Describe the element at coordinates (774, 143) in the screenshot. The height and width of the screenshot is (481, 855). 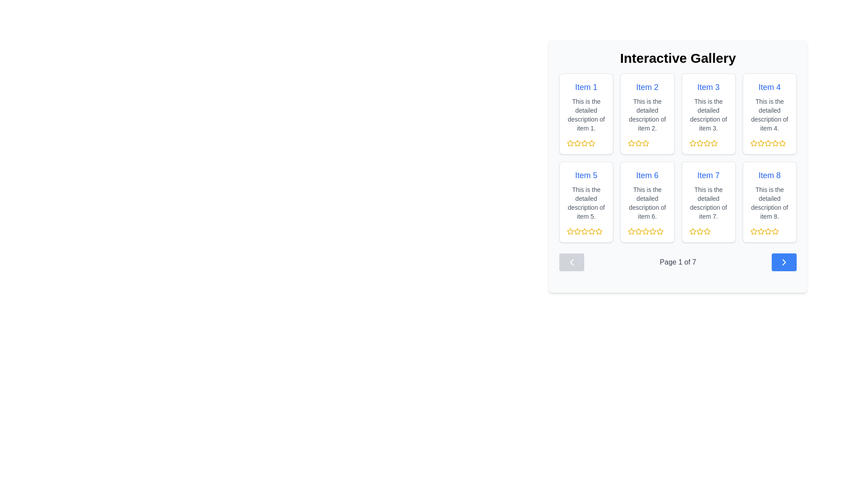
I see `the sixth star-shaped icon, which is yellow and part of the rating system for 'Item 4'` at that location.